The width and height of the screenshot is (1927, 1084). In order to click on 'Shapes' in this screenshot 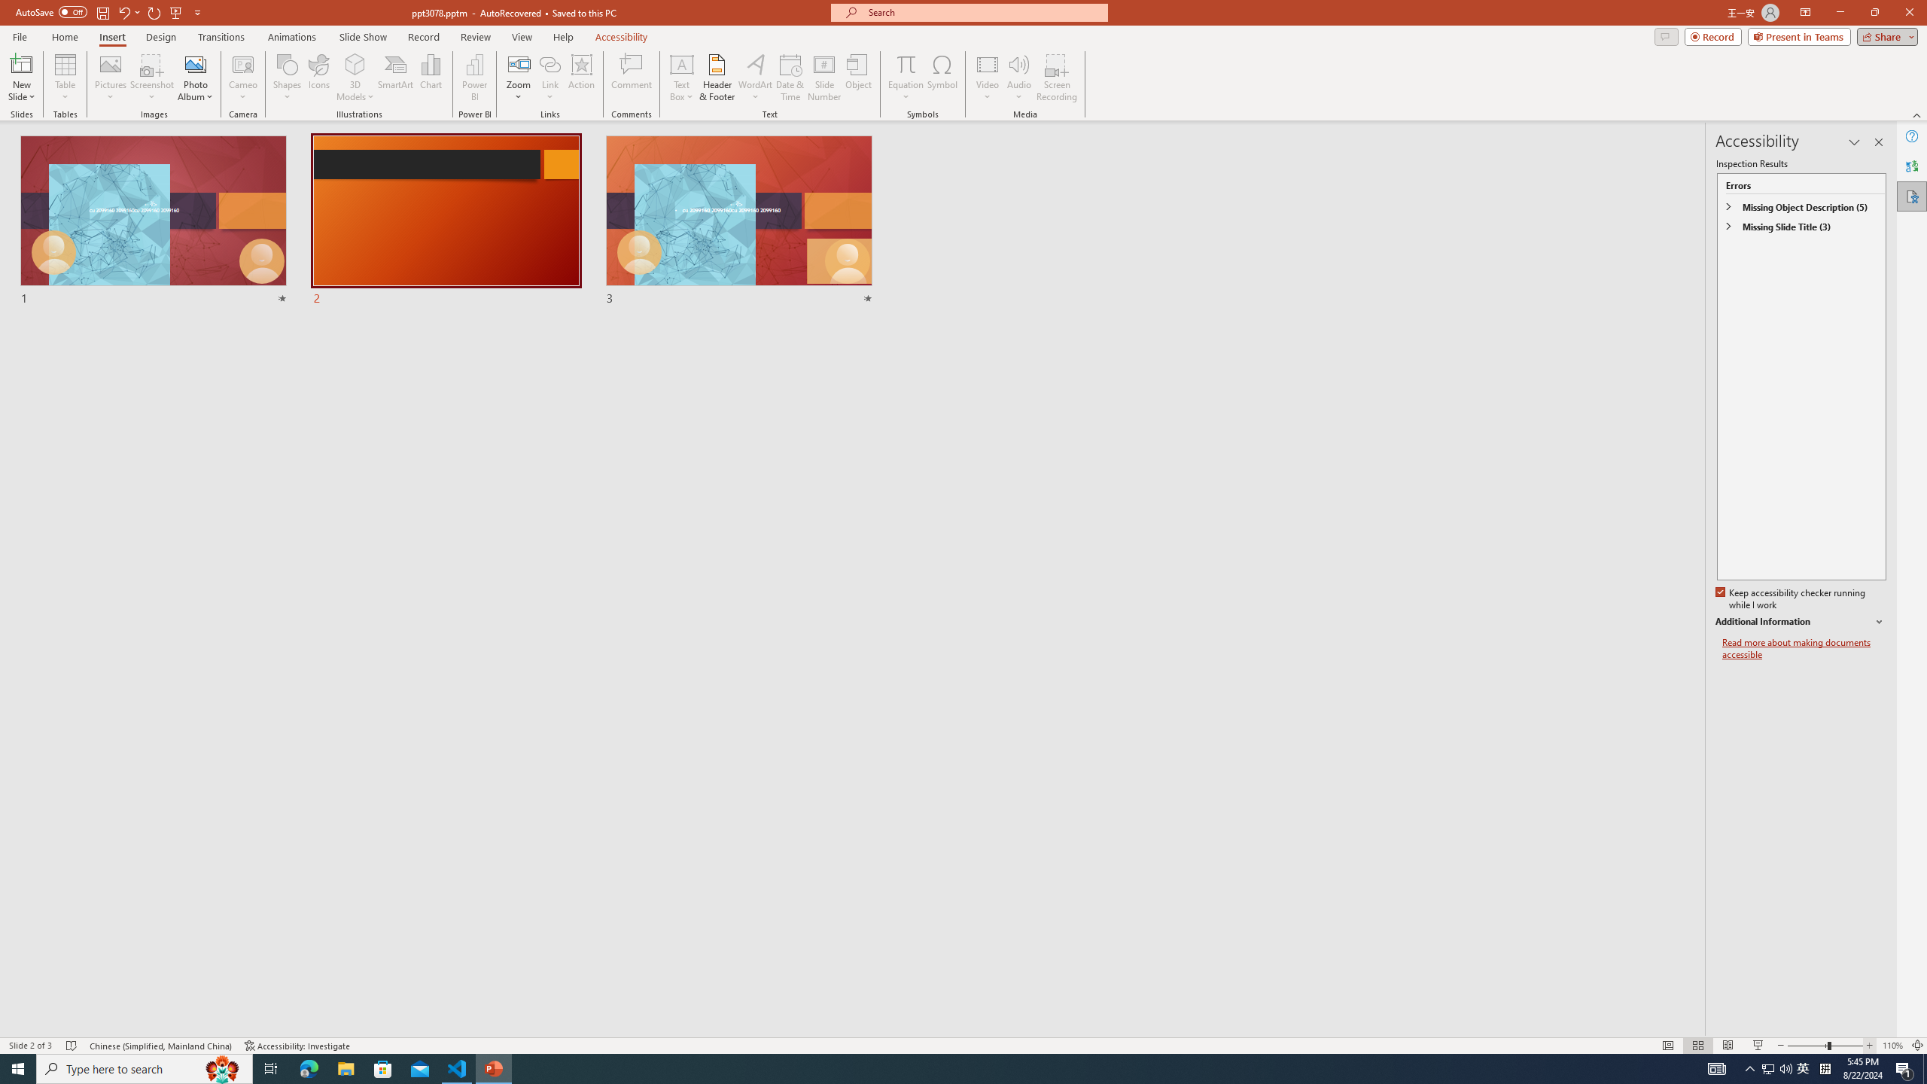, I will do `click(286, 78)`.